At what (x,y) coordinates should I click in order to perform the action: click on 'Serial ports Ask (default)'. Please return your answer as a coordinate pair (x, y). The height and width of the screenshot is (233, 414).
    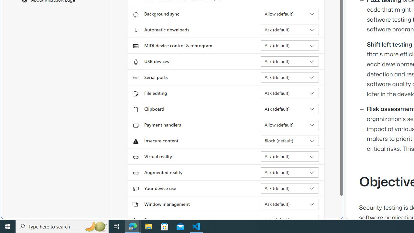
    Looking at the image, I should click on (289, 77).